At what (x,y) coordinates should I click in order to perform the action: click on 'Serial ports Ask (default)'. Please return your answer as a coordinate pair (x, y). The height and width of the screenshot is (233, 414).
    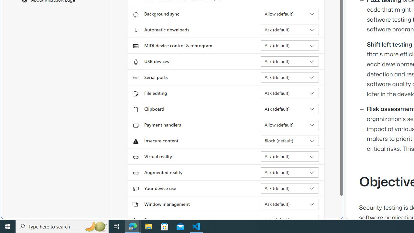
    Looking at the image, I should click on (289, 77).